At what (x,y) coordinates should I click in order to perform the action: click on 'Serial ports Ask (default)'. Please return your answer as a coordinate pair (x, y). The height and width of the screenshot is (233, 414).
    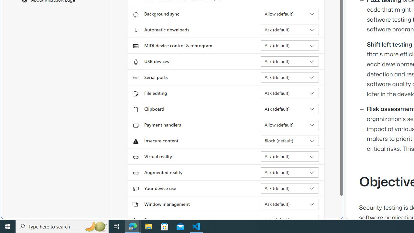
    Looking at the image, I should click on (289, 77).